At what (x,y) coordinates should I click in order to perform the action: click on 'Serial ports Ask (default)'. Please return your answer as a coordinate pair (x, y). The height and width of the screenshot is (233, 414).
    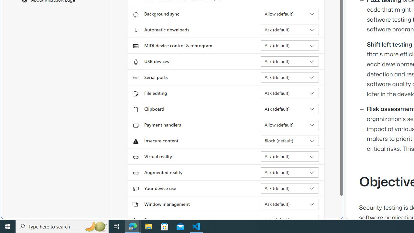
    Looking at the image, I should click on (289, 77).